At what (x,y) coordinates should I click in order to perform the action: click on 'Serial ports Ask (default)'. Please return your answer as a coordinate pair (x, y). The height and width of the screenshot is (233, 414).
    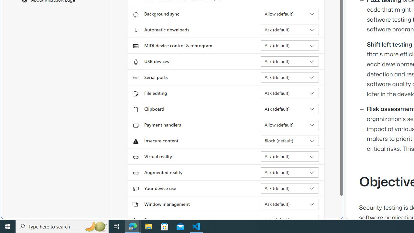
    Looking at the image, I should click on (289, 77).